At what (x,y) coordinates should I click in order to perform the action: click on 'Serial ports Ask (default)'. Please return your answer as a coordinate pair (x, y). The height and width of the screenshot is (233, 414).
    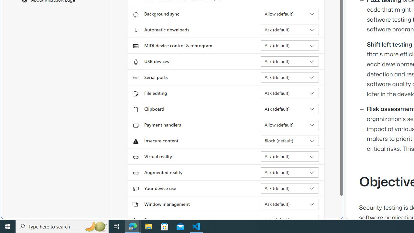
    Looking at the image, I should click on (289, 77).